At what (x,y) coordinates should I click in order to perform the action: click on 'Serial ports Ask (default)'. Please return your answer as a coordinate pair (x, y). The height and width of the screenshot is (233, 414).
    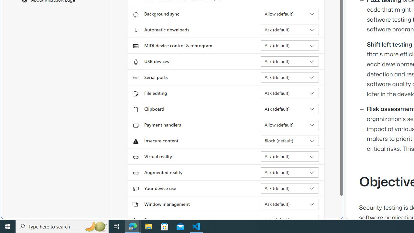
    Looking at the image, I should click on (289, 77).